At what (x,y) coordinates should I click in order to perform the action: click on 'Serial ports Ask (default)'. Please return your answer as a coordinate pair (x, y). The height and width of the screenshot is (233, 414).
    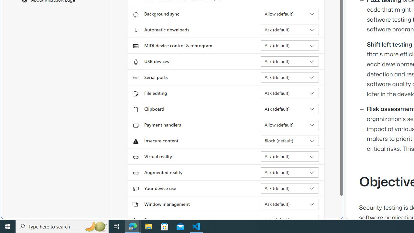
    Looking at the image, I should click on (289, 77).